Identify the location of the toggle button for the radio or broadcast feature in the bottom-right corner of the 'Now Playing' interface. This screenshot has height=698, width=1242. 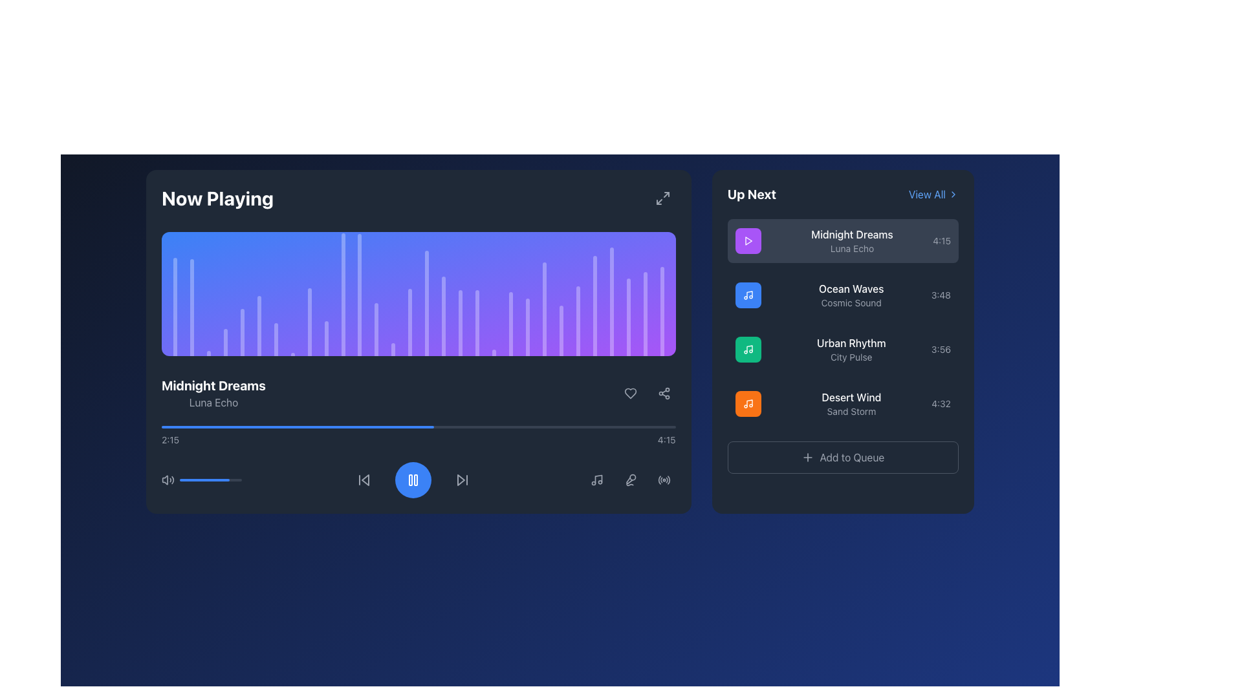
(664, 480).